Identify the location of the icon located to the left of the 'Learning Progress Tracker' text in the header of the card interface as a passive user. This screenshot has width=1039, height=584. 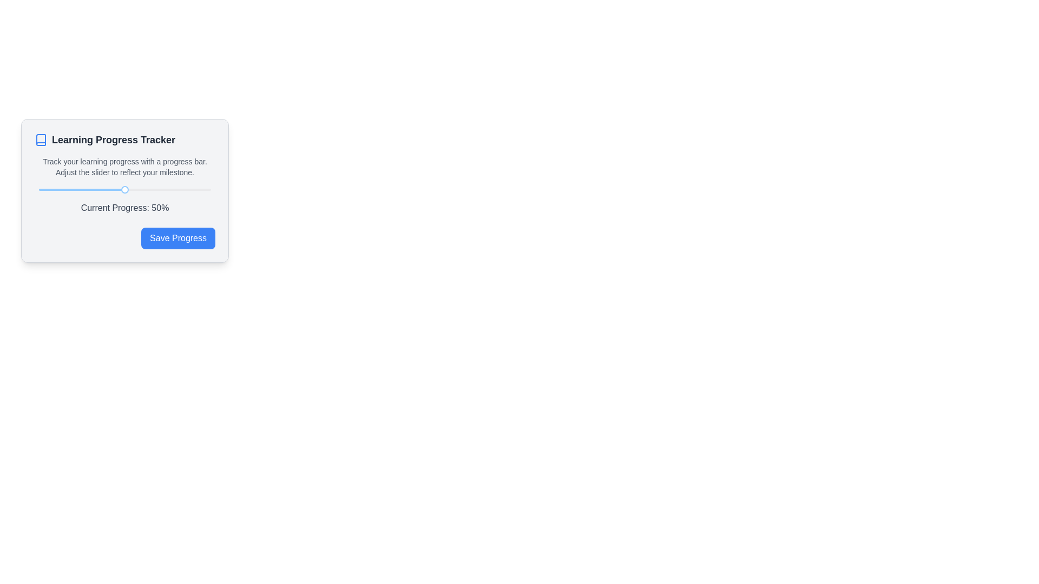
(41, 139).